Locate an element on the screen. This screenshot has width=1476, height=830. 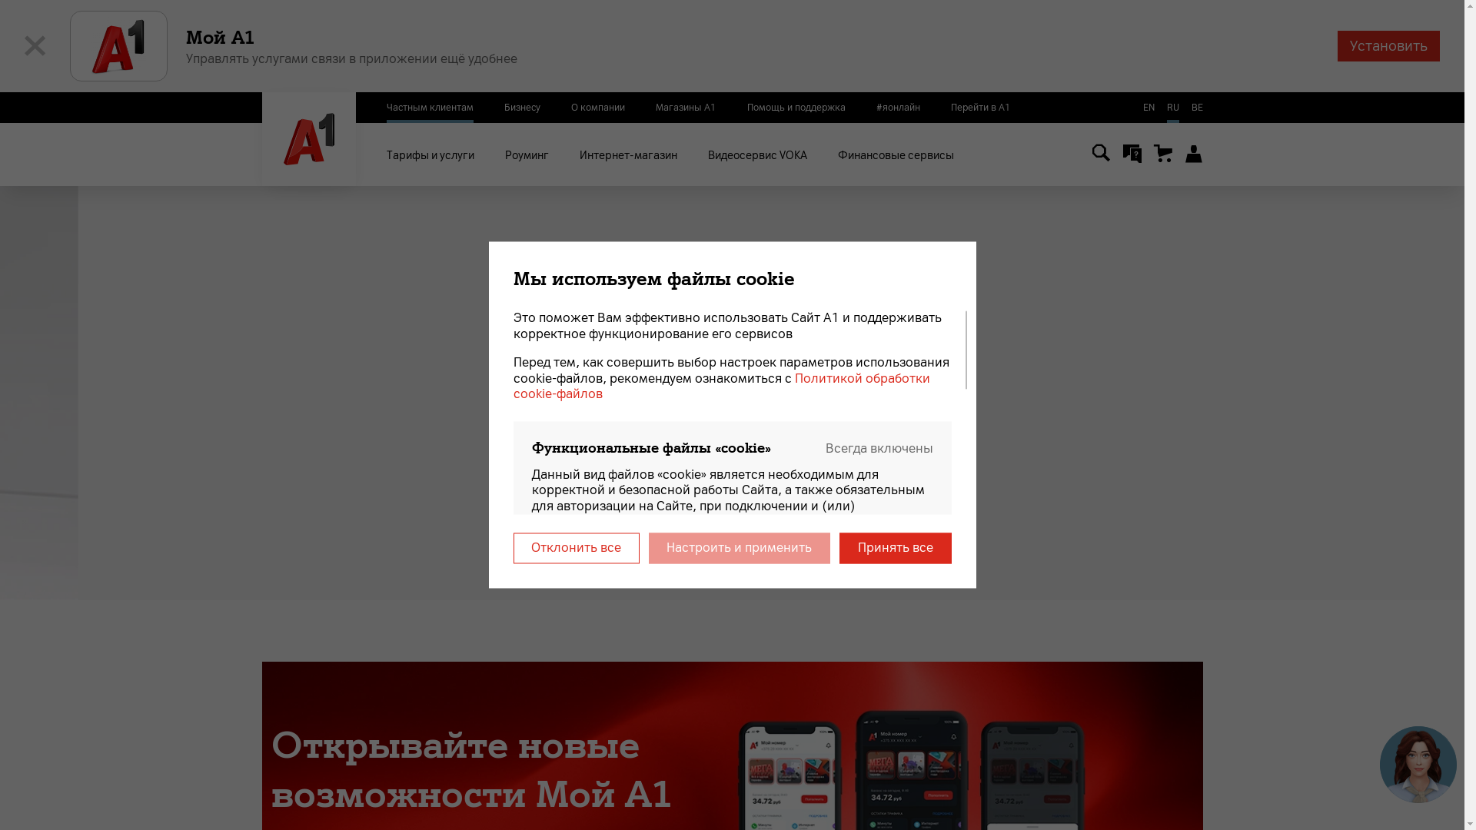
'RU' is located at coordinates (1172, 106).